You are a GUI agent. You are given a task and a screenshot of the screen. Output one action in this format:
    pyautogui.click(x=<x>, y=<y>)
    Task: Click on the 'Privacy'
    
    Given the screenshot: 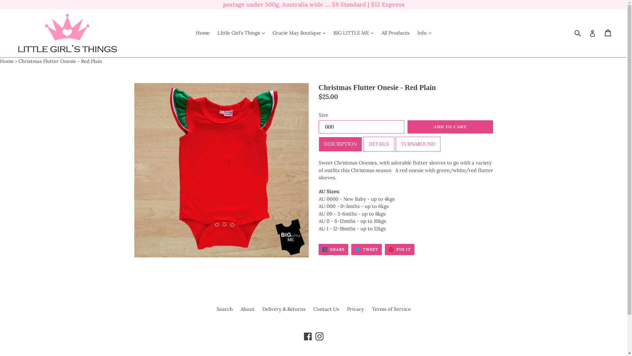 What is the action you would take?
    pyautogui.click(x=347, y=309)
    